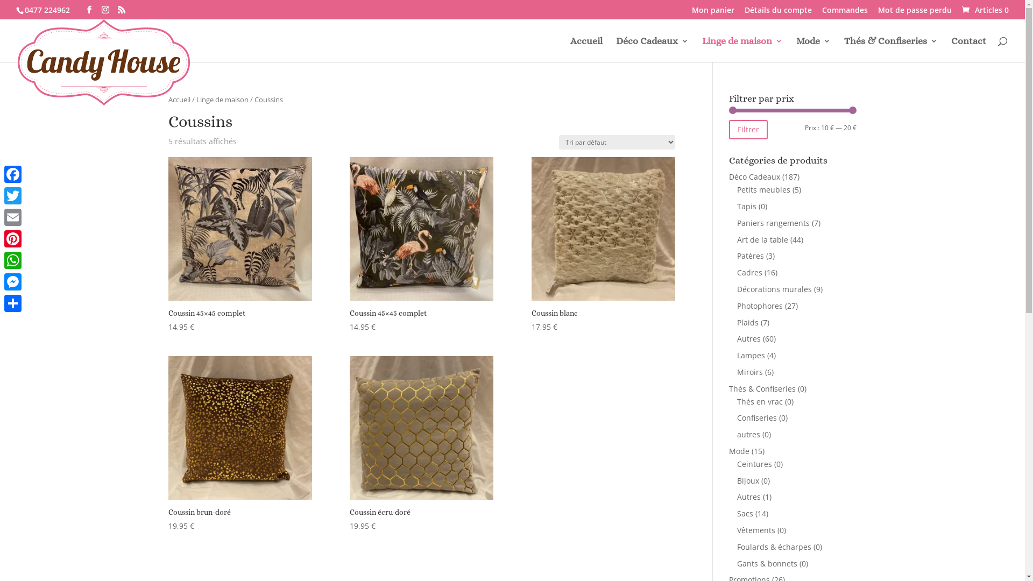 This screenshot has height=581, width=1033. What do you see at coordinates (968, 49) in the screenshot?
I see `'Contact'` at bounding box center [968, 49].